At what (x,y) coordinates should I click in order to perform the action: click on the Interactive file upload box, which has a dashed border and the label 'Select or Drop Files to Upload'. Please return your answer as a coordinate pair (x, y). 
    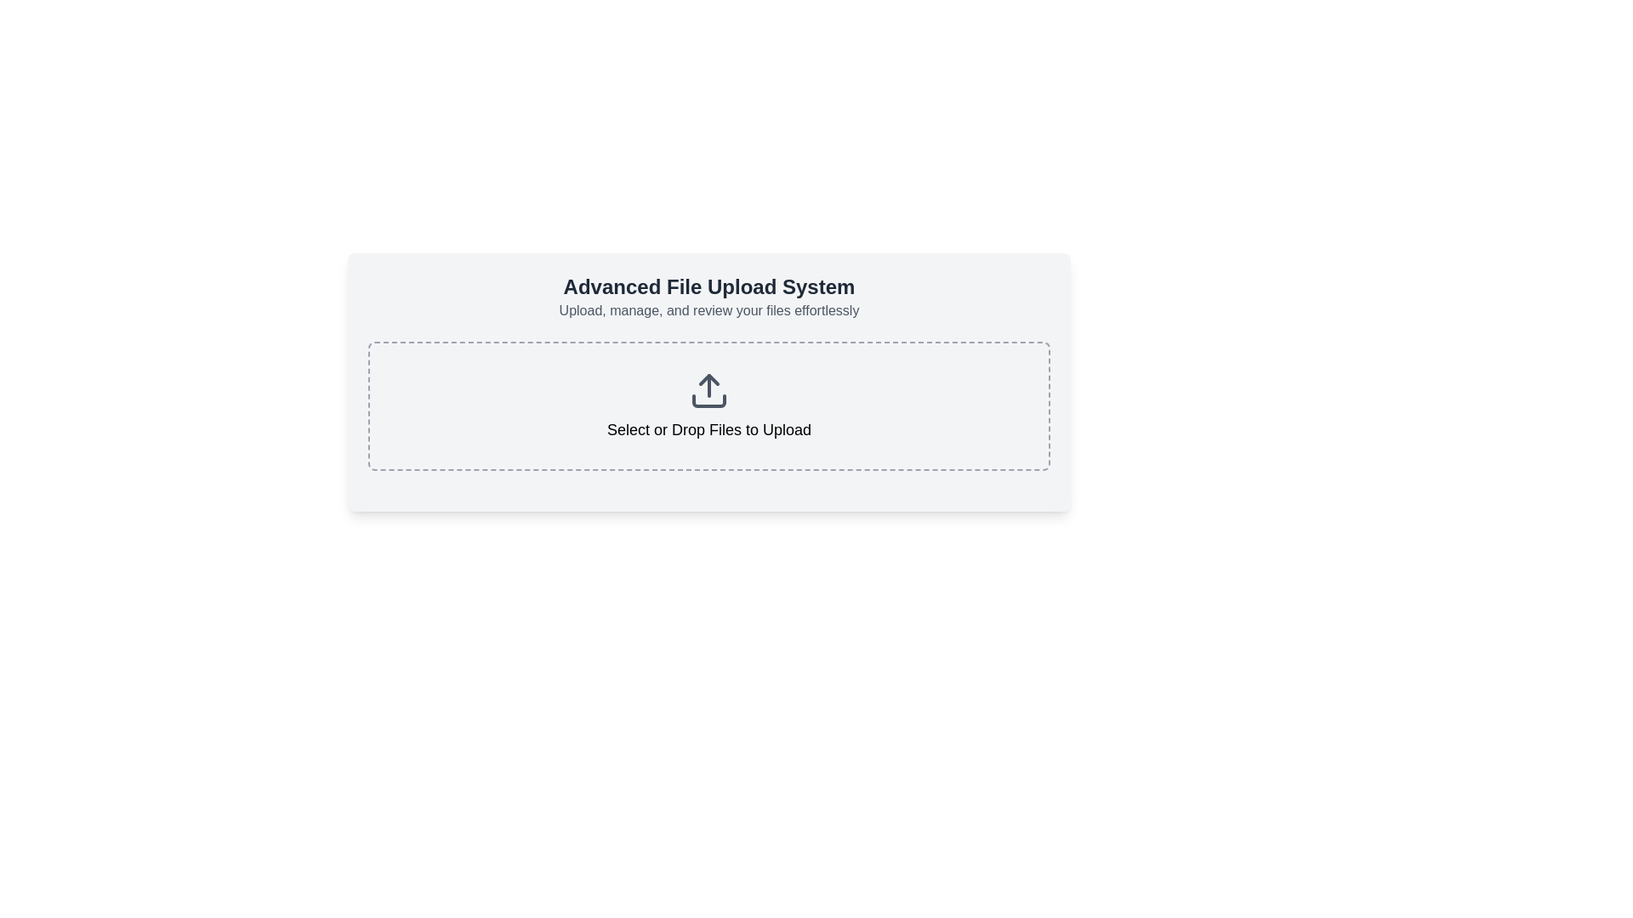
    Looking at the image, I should click on (709, 406).